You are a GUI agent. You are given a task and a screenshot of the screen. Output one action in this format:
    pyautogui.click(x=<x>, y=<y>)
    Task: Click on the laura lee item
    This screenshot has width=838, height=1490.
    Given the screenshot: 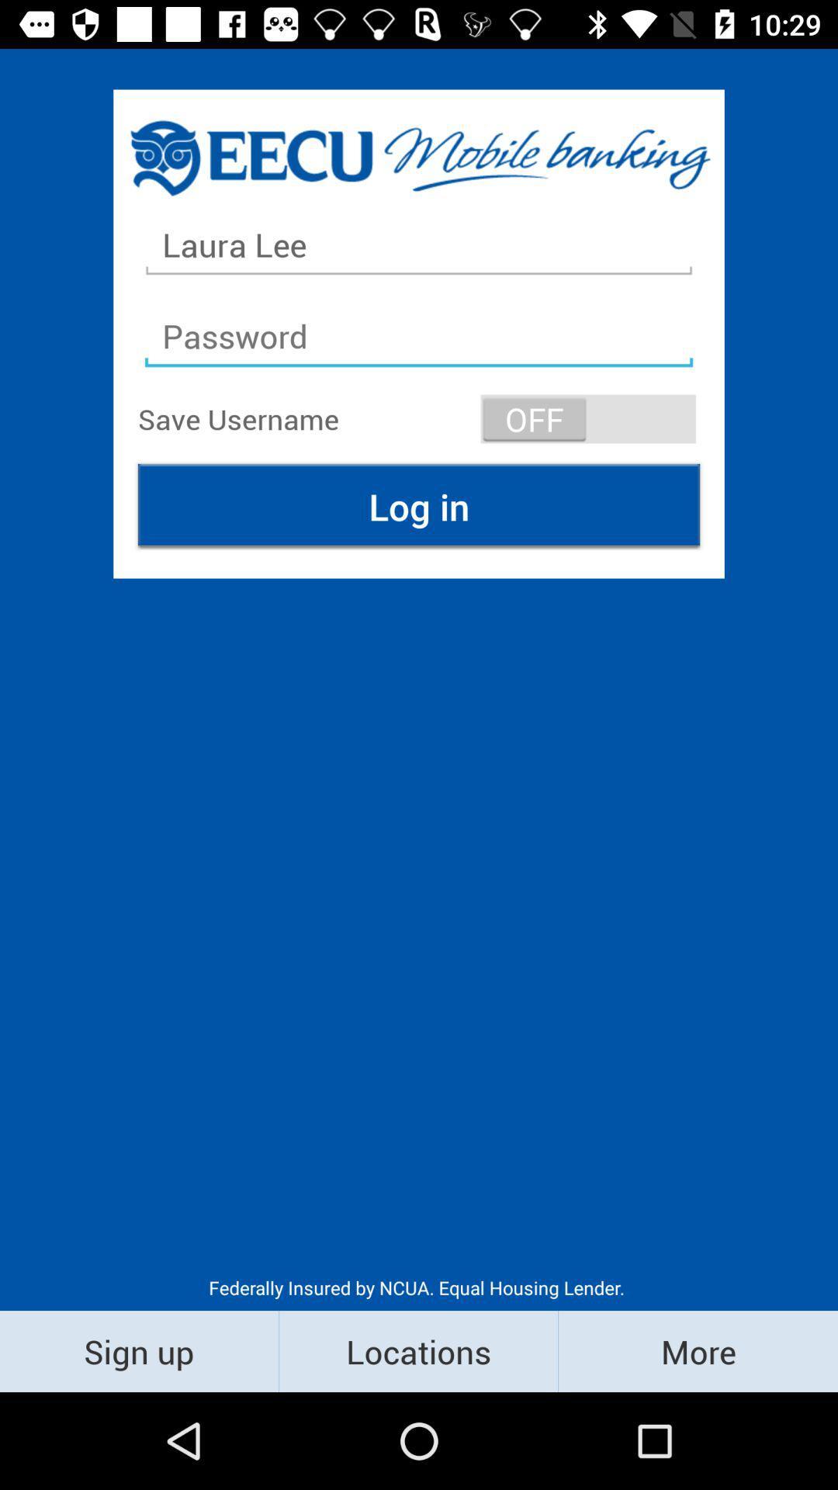 What is the action you would take?
    pyautogui.click(x=419, y=244)
    